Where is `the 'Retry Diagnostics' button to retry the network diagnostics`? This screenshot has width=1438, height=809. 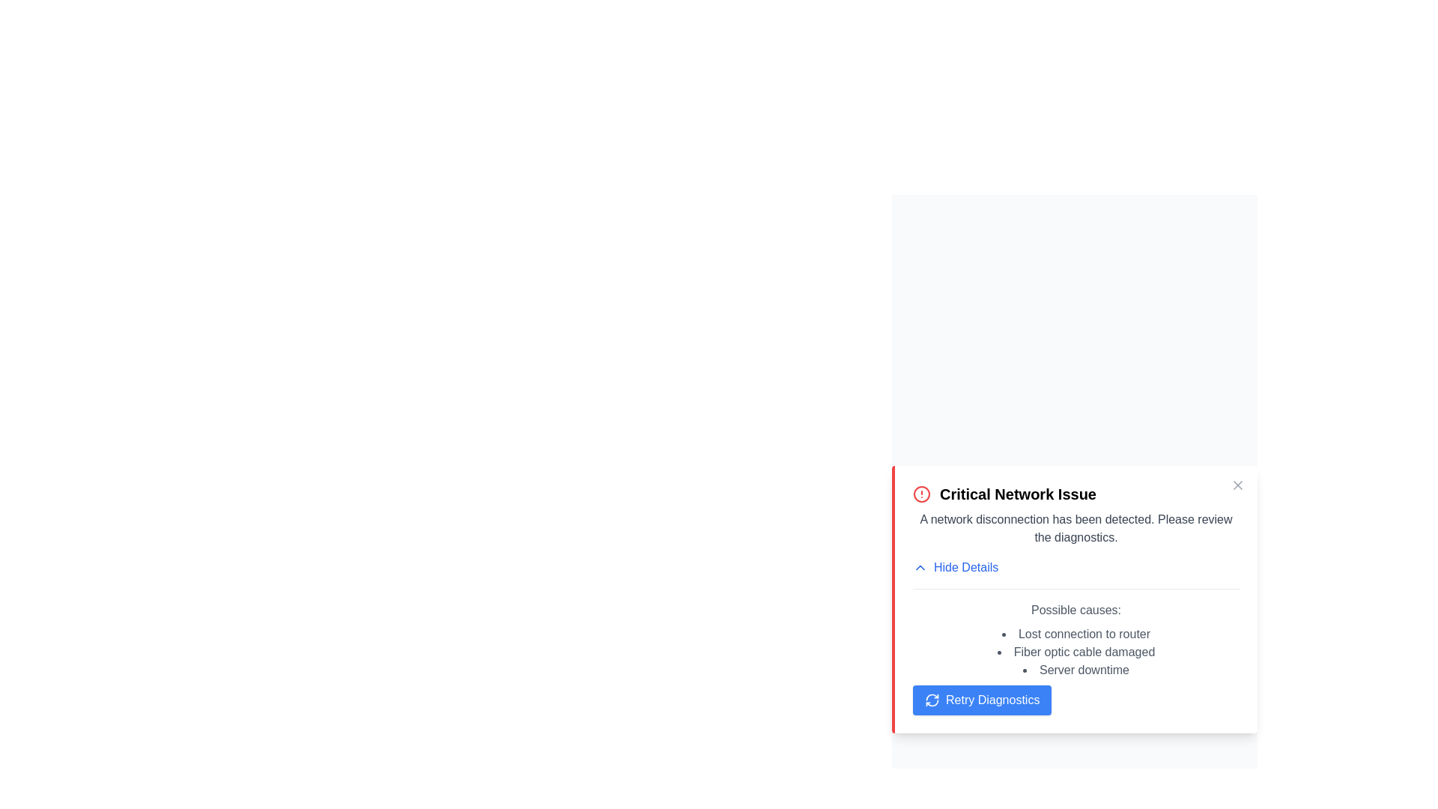 the 'Retry Diagnostics' button to retry the network diagnostics is located at coordinates (981, 699).